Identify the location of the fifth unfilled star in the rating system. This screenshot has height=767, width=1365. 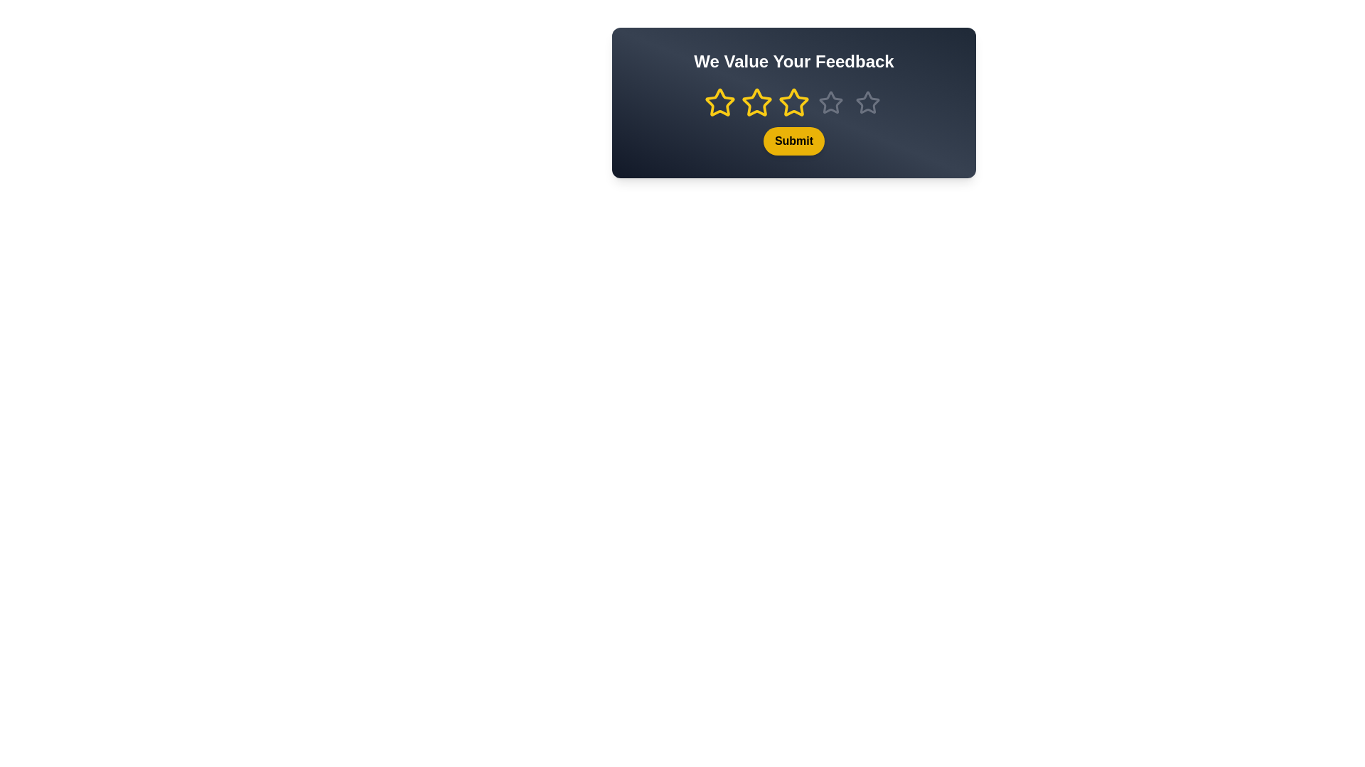
(867, 102).